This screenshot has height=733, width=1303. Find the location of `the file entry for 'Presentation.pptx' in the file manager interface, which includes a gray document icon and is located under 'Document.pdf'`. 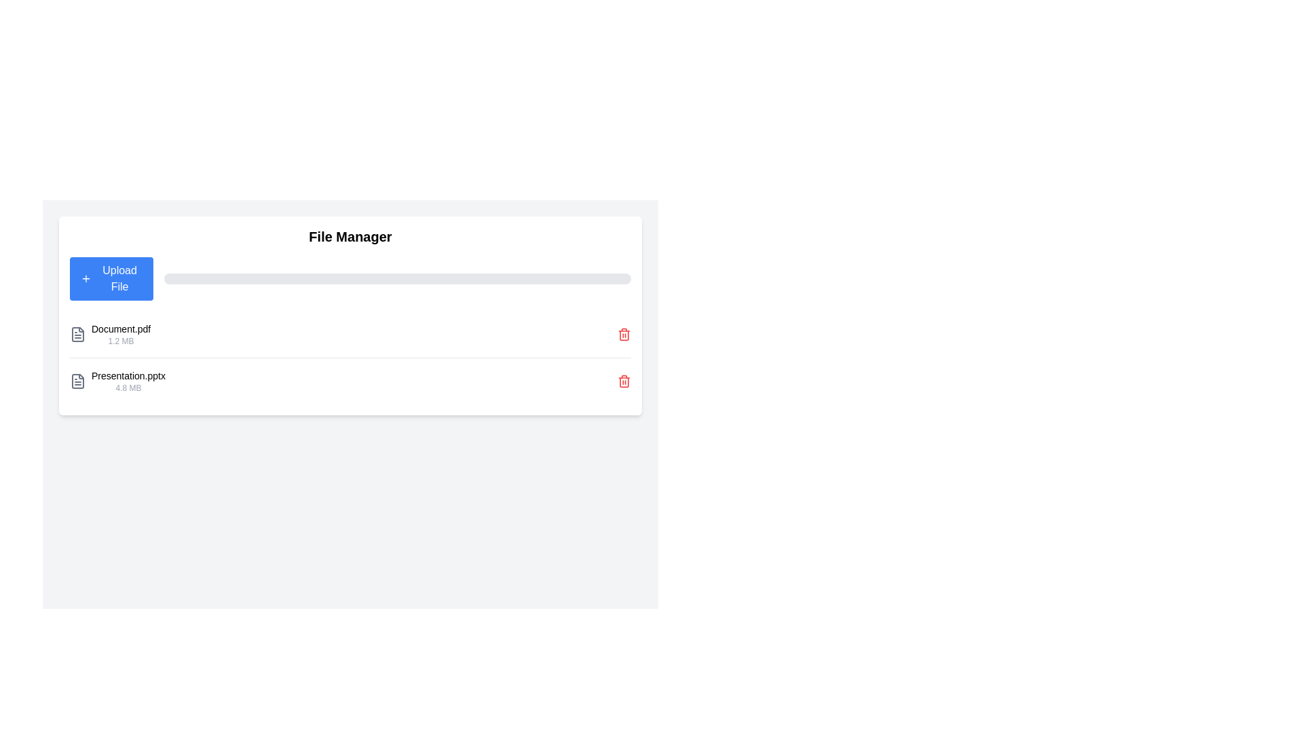

the file entry for 'Presentation.pptx' in the file manager interface, which includes a gray document icon and is located under 'Document.pdf' is located at coordinates (117, 381).